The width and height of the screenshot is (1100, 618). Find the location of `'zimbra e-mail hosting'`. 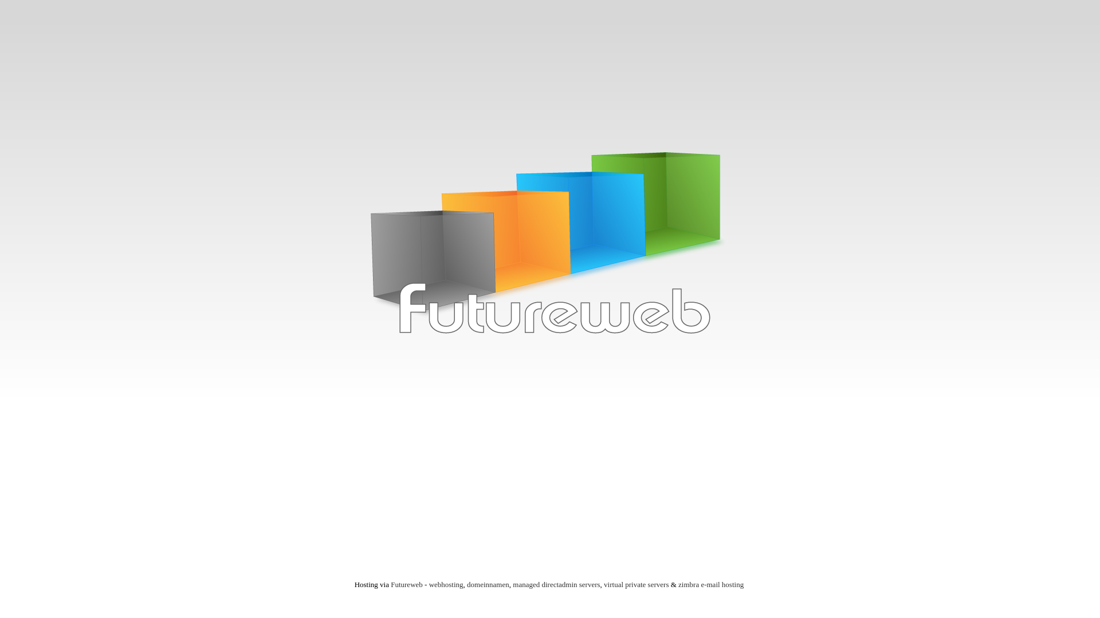

'zimbra e-mail hosting' is located at coordinates (710, 584).